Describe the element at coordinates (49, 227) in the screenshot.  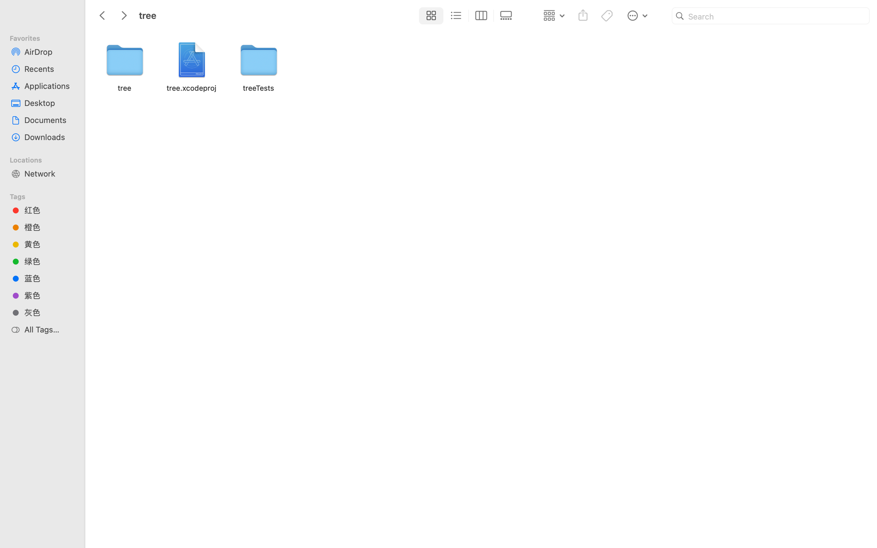
I see `'橙色'` at that location.